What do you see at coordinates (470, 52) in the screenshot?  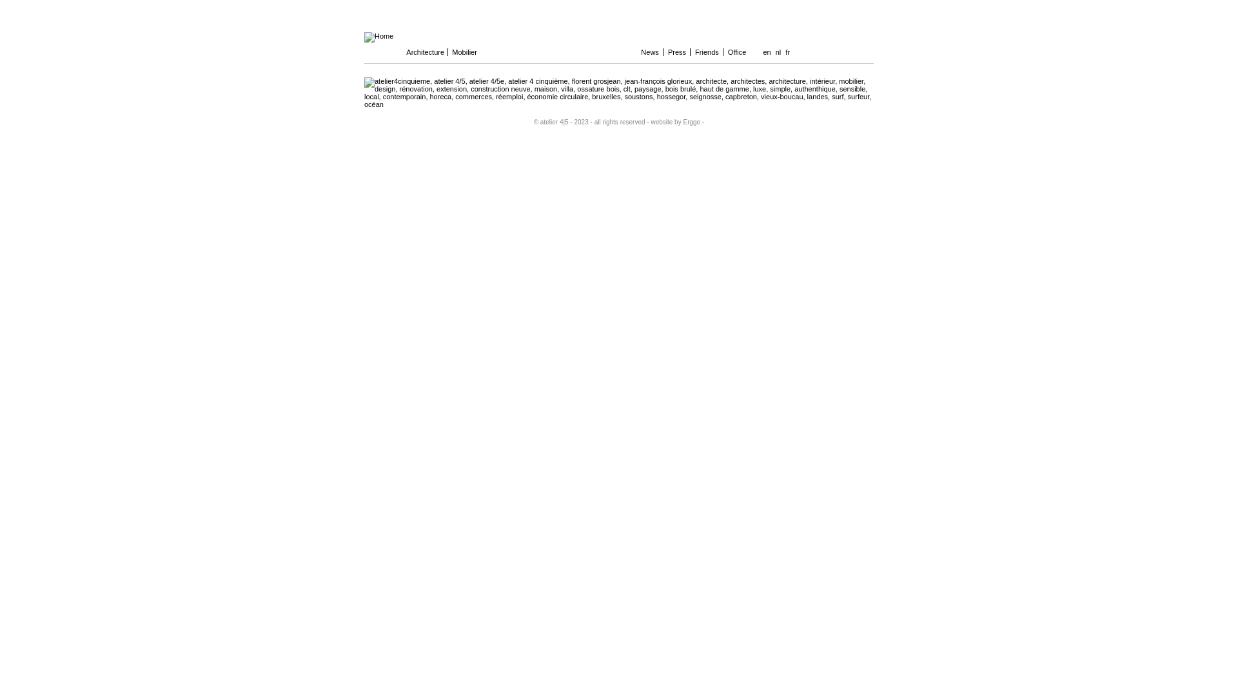 I see `'Mobilier'` at bounding box center [470, 52].